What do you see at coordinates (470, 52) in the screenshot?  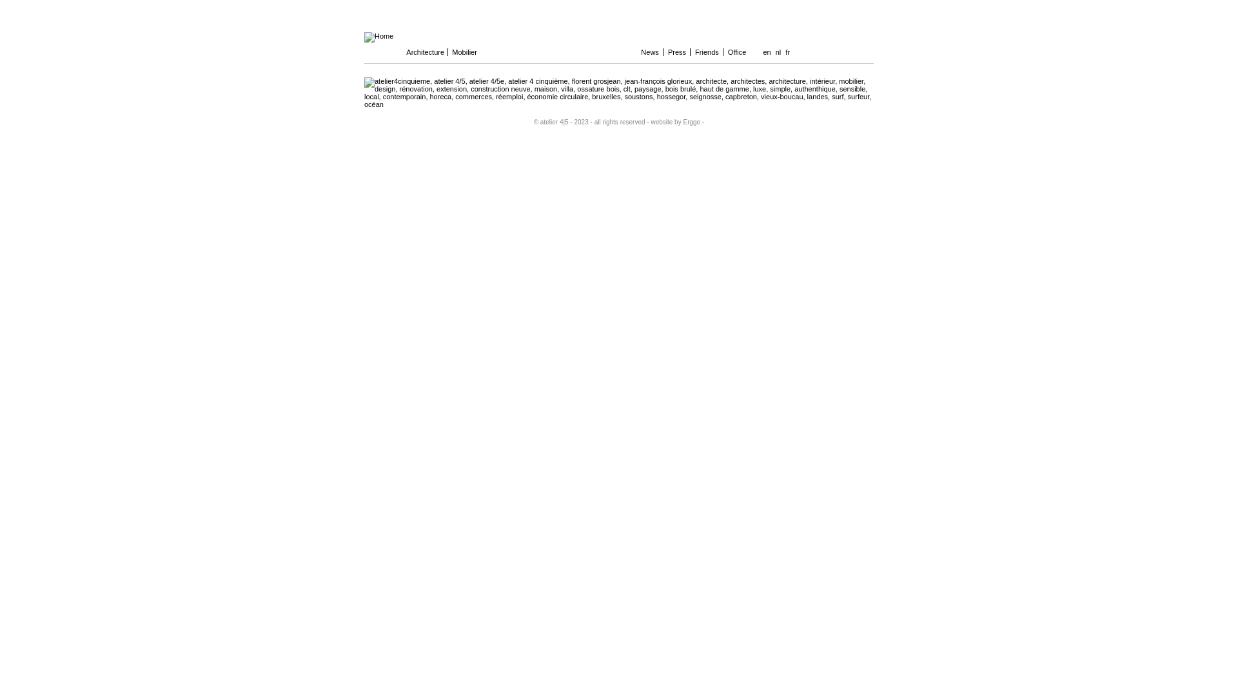 I see `'Mobilier'` at bounding box center [470, 52].